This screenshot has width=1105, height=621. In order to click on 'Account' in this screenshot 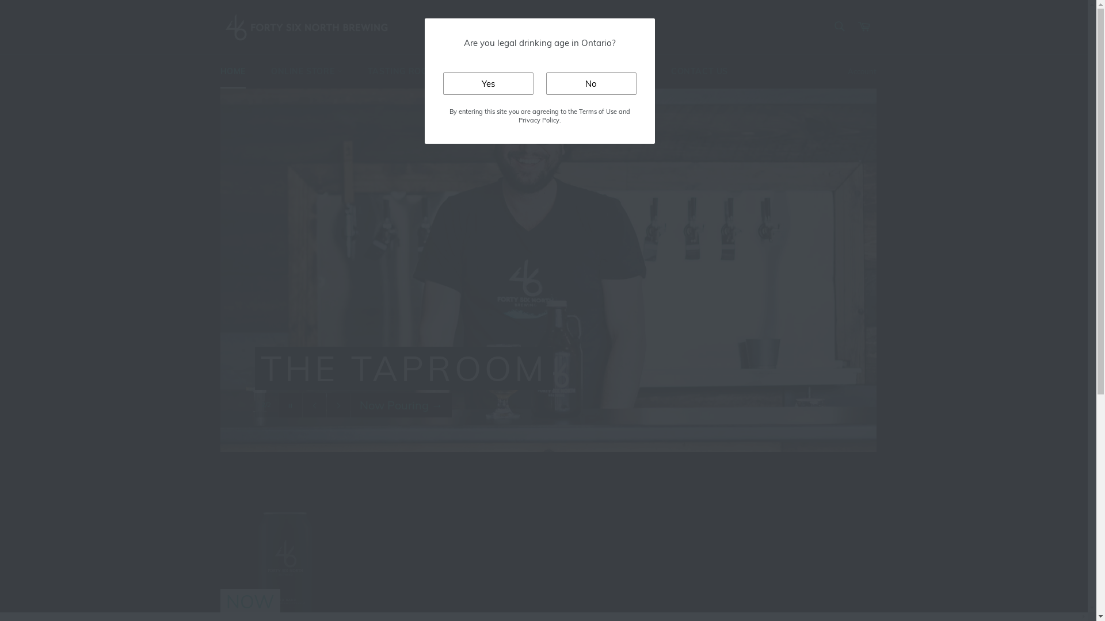, I will do `click(841, 71)`.